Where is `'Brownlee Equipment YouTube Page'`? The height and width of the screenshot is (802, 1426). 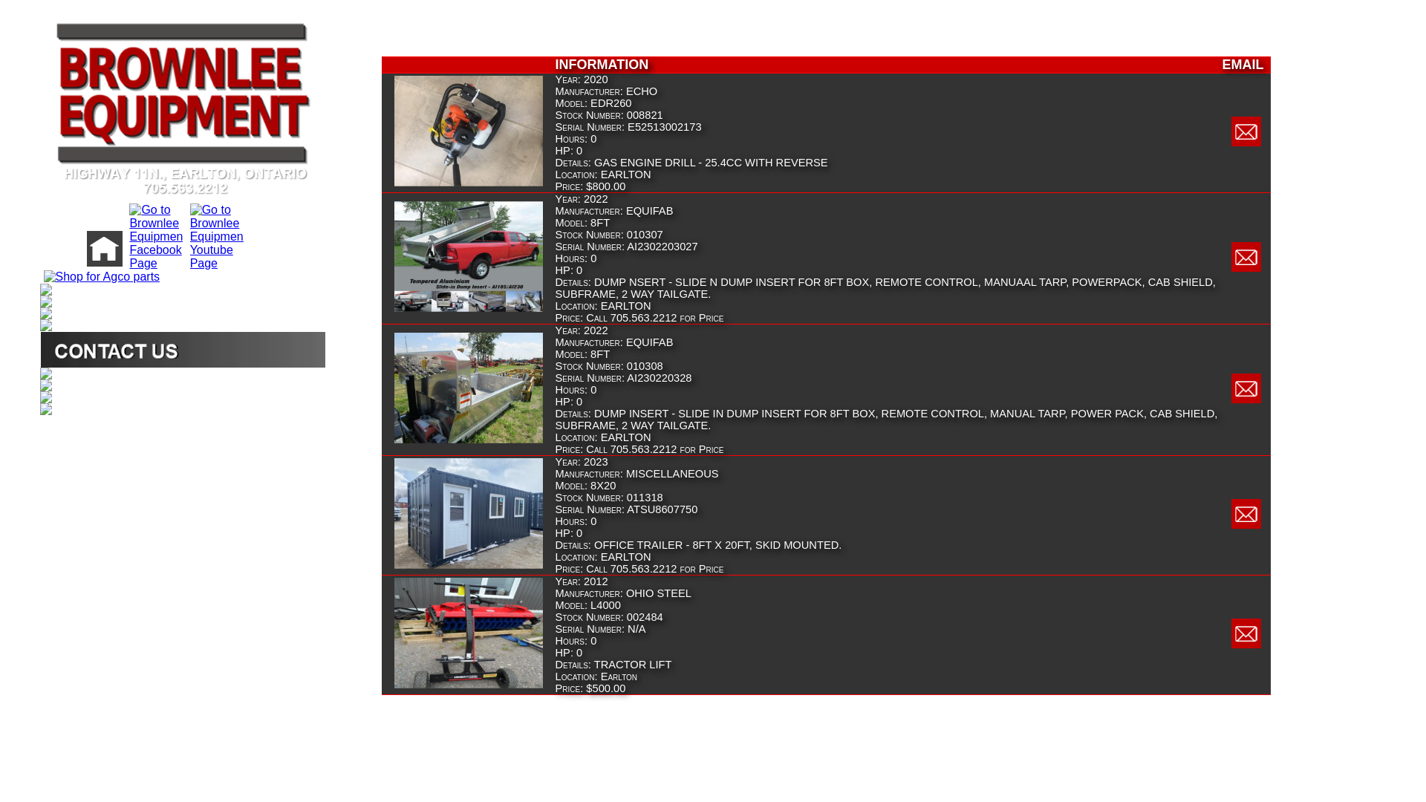
'Brownlee Equipment YouTube Page' is located at coordinates (214, 262).